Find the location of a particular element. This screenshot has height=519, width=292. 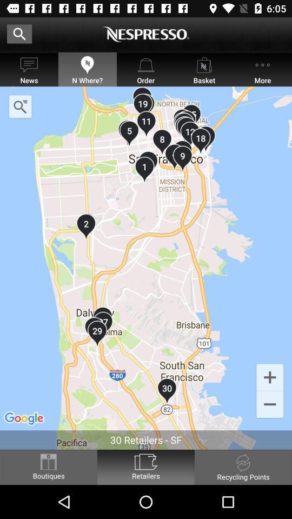

the search icon is located at coordinates (19, 34).